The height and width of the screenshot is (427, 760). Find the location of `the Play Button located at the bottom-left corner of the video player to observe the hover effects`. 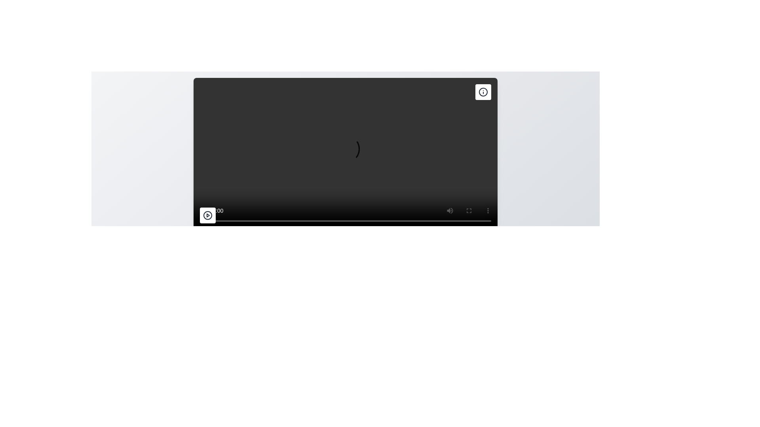

the Play Button located at the bottom-left corner of the video player to observe the hover effects is located at coordinates (207, 215).